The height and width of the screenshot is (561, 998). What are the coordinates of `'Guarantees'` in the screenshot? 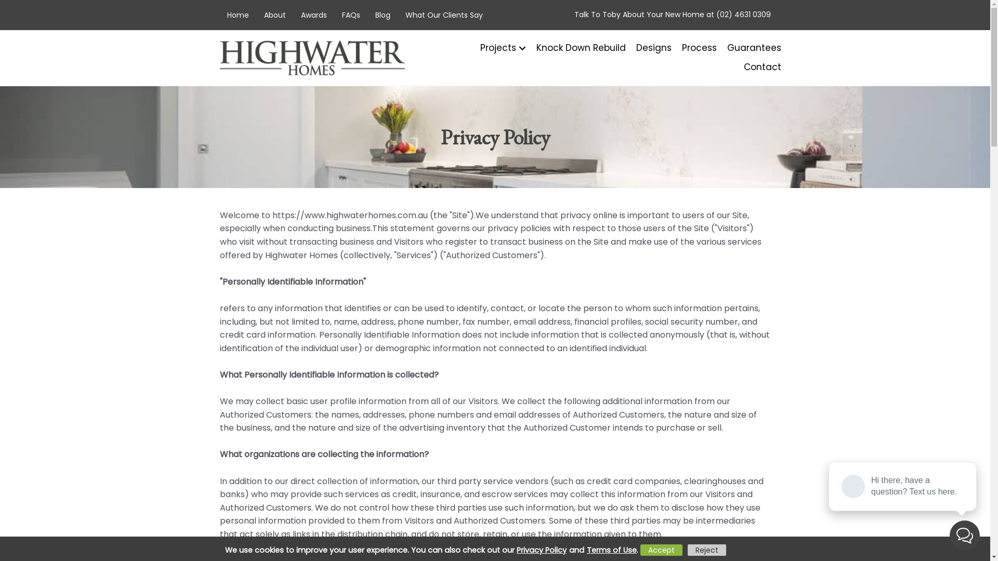 It's located at (749, 48).